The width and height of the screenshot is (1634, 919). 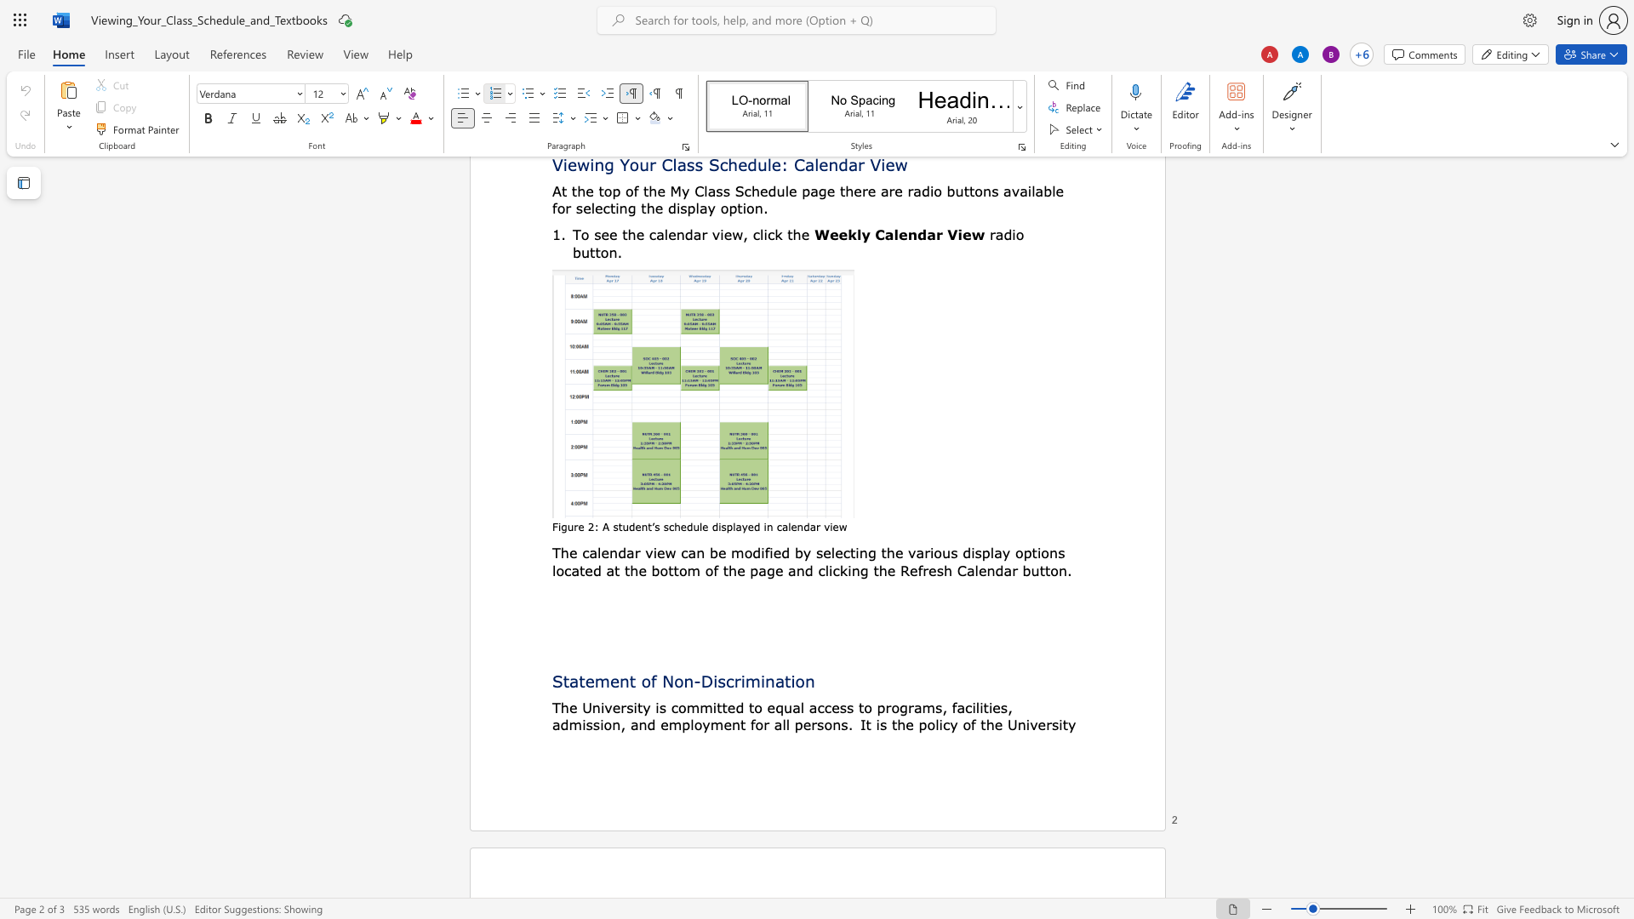 What do you see at coordinates (736, 526) in the screenshot?
I see `the space between the continuous character "l" and "a" in the text` at bounding box center [736, 526].